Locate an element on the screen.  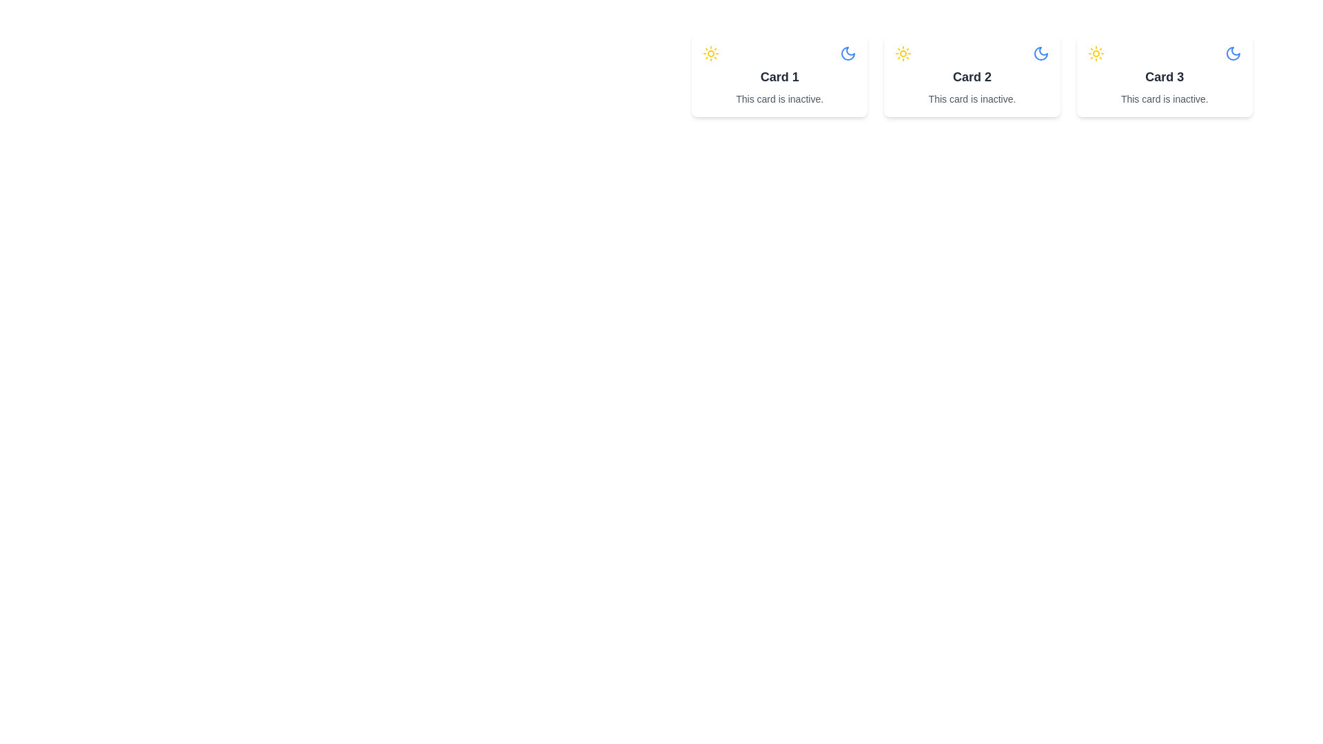
the leftmost icon in the top-right horizontal row of icons is located at coordinates (903, 52).